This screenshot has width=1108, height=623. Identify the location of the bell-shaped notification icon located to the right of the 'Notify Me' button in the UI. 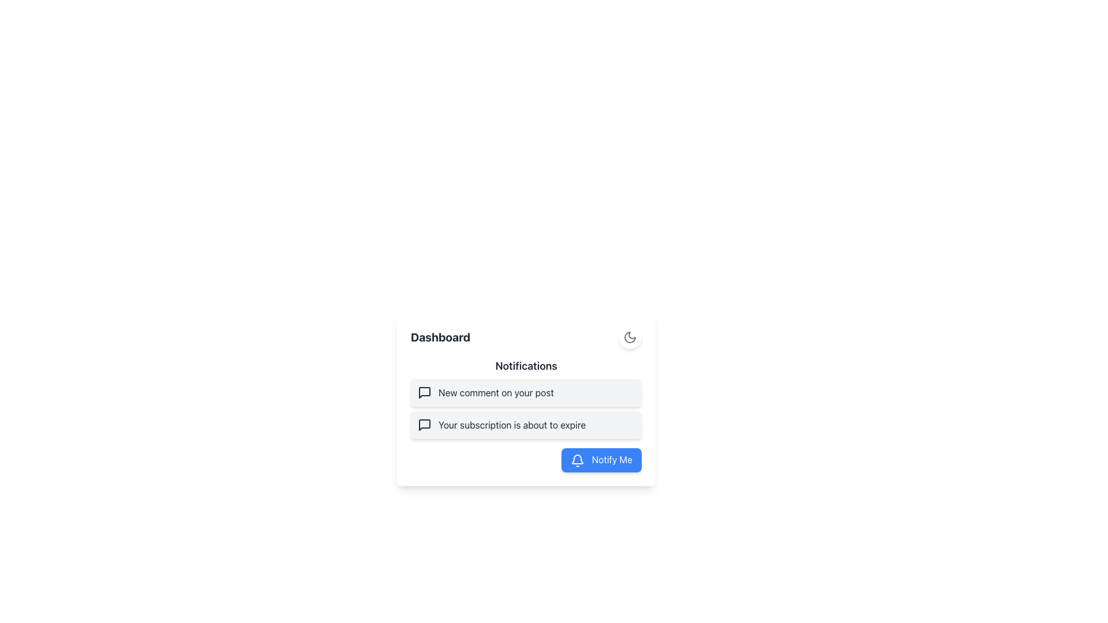
(578, 458).